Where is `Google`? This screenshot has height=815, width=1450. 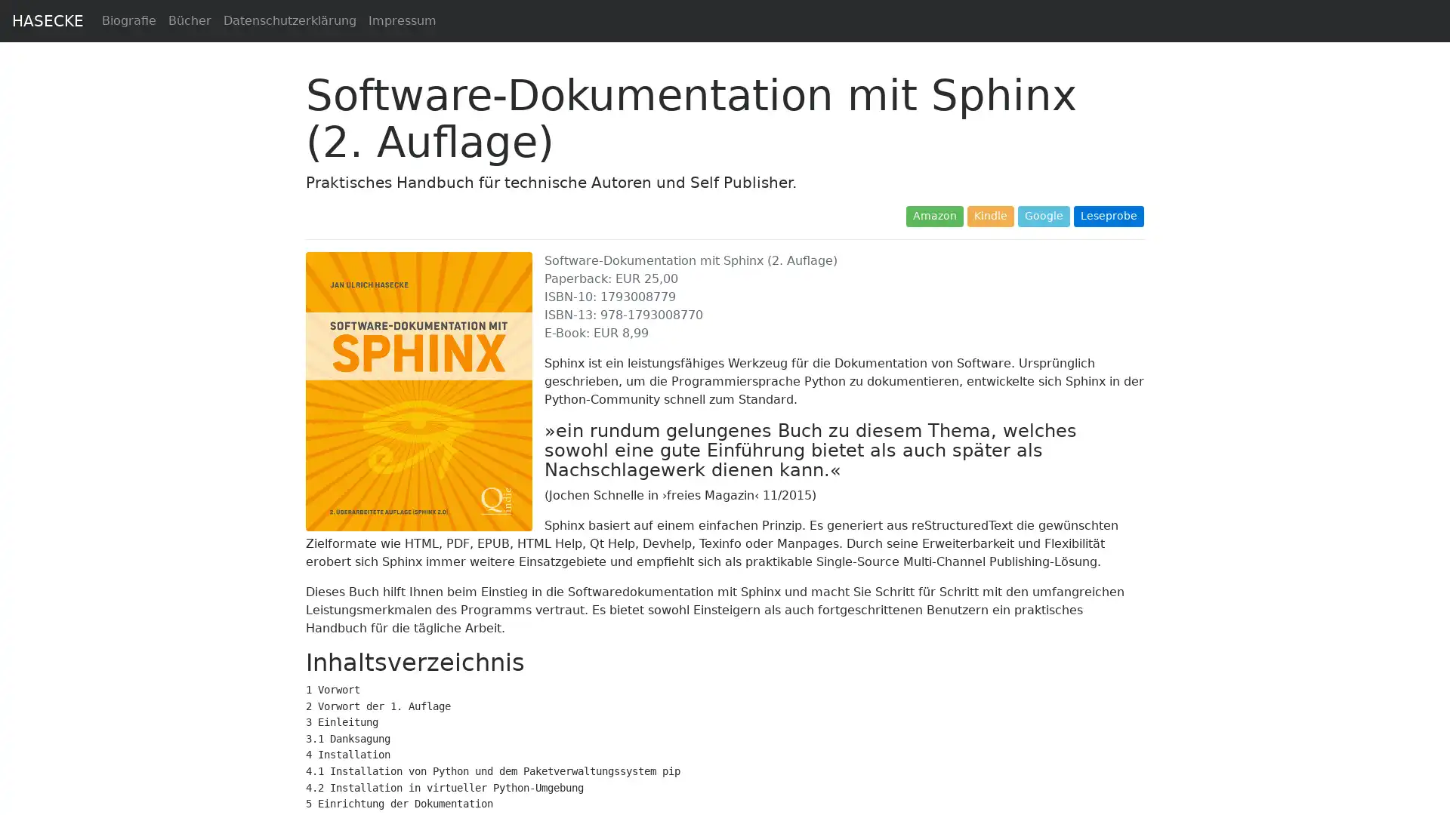
Google is located at coordinates (1043, 216).